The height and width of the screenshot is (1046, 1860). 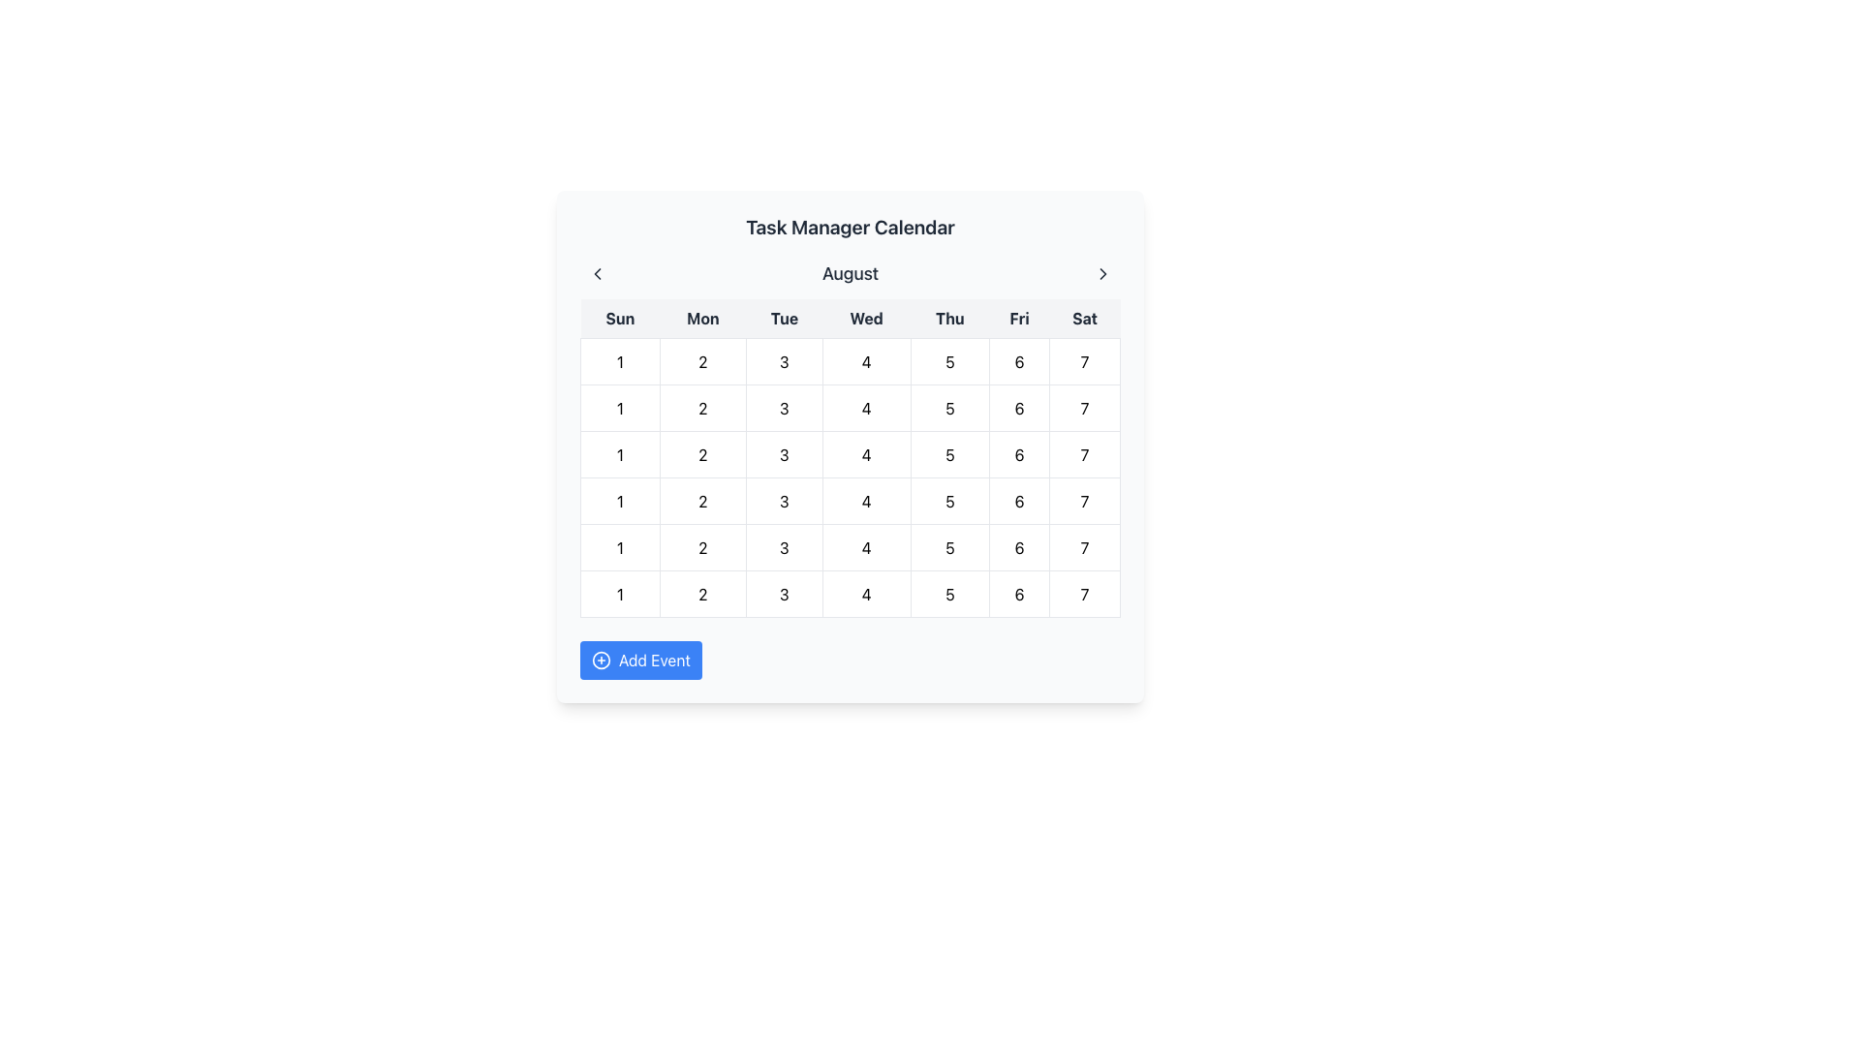 What do you see at coordinates (851, 227) in the screenshot?
I see `the 'Task Manager Calendar' text label, which is styled in bold and positioned above the calendar view` at bounding box center [851, 227].